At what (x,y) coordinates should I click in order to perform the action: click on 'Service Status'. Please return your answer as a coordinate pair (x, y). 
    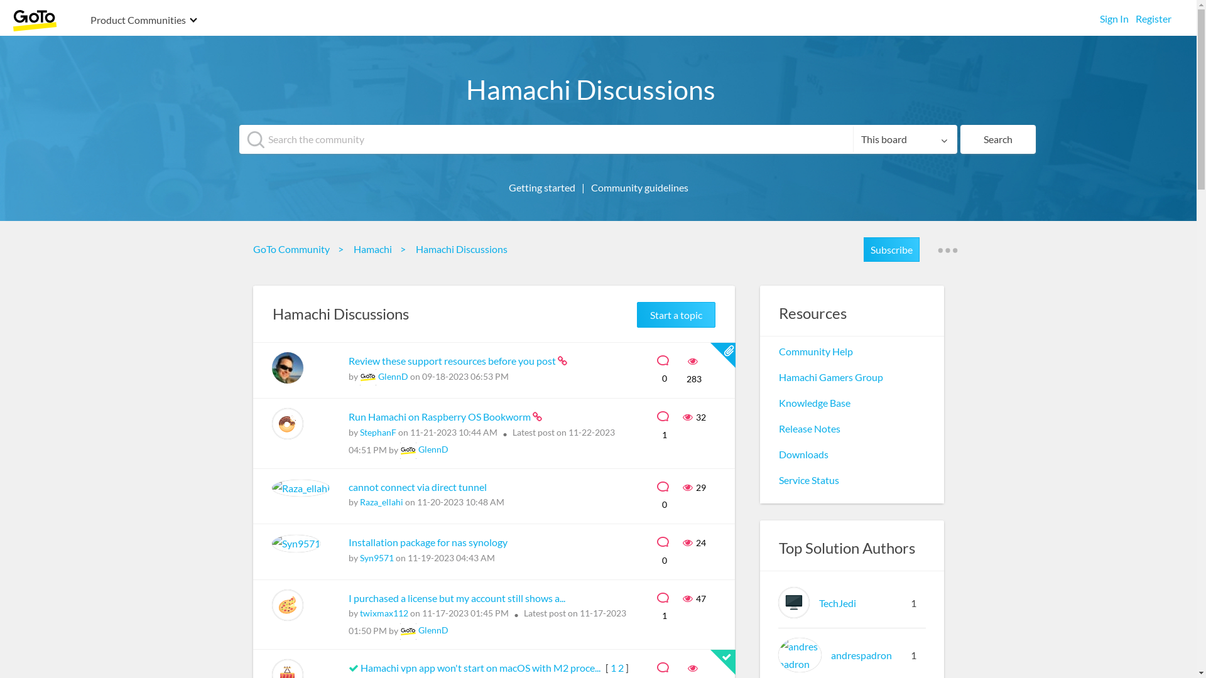
    Looking at the image, I should click on (808, 480).